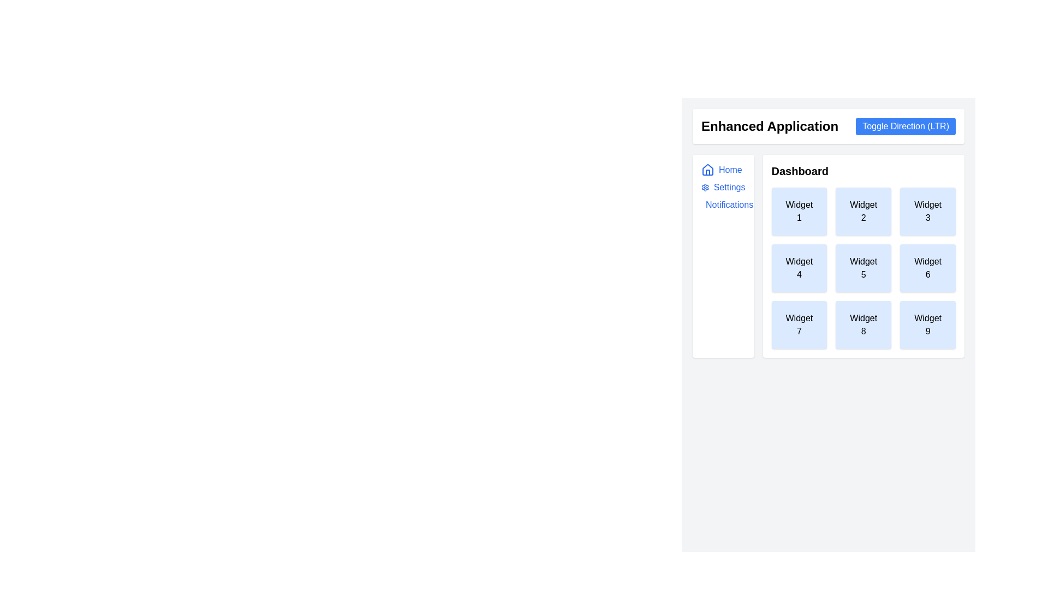 Image resolution: width=1048 pixels, height=589 pixels. Describe the element at coordinates (723, 205) in the screenshot. I see `the third navigational link in the vertical menu, located below the 'Settings' item` at that location.